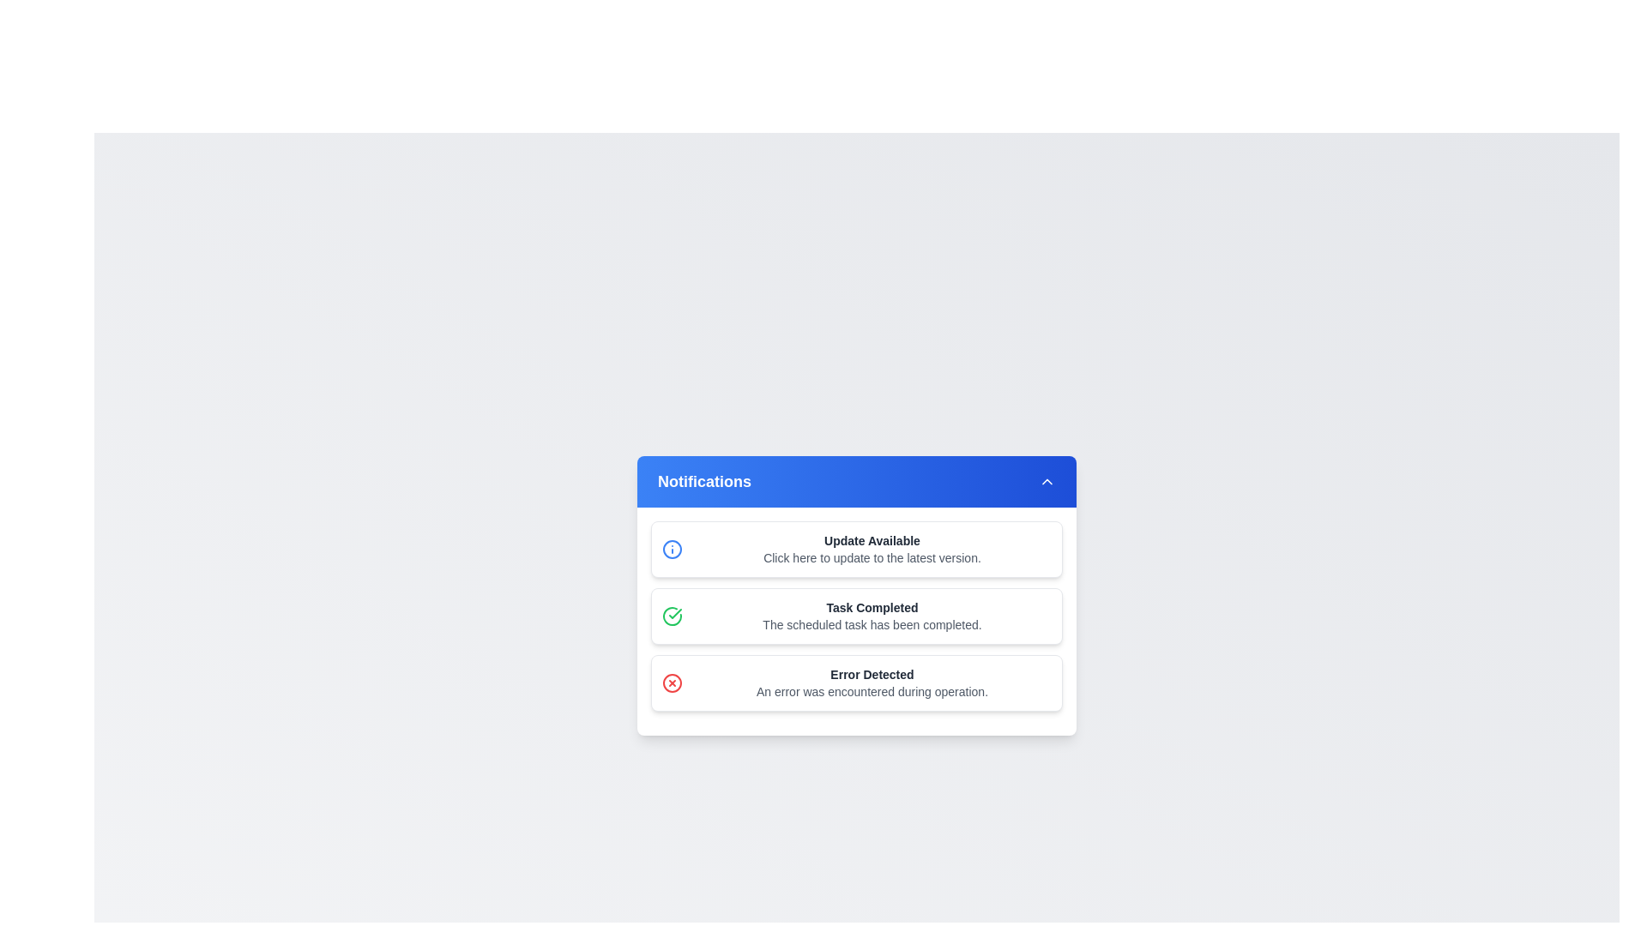 The image size is (1647, 926). Describe the element at coordinates (671, 682) in the screenshot. I see `the red circular icon with a white 'X' symbol located to the left of the 'Error Detected' notification` at that location.